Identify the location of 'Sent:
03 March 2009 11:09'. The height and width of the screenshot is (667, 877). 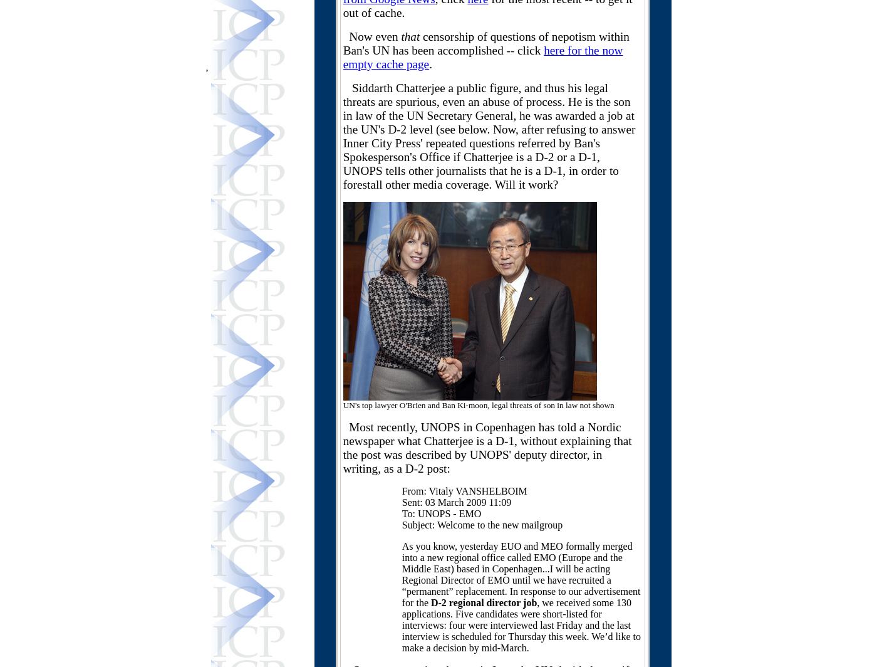
(402, 502).